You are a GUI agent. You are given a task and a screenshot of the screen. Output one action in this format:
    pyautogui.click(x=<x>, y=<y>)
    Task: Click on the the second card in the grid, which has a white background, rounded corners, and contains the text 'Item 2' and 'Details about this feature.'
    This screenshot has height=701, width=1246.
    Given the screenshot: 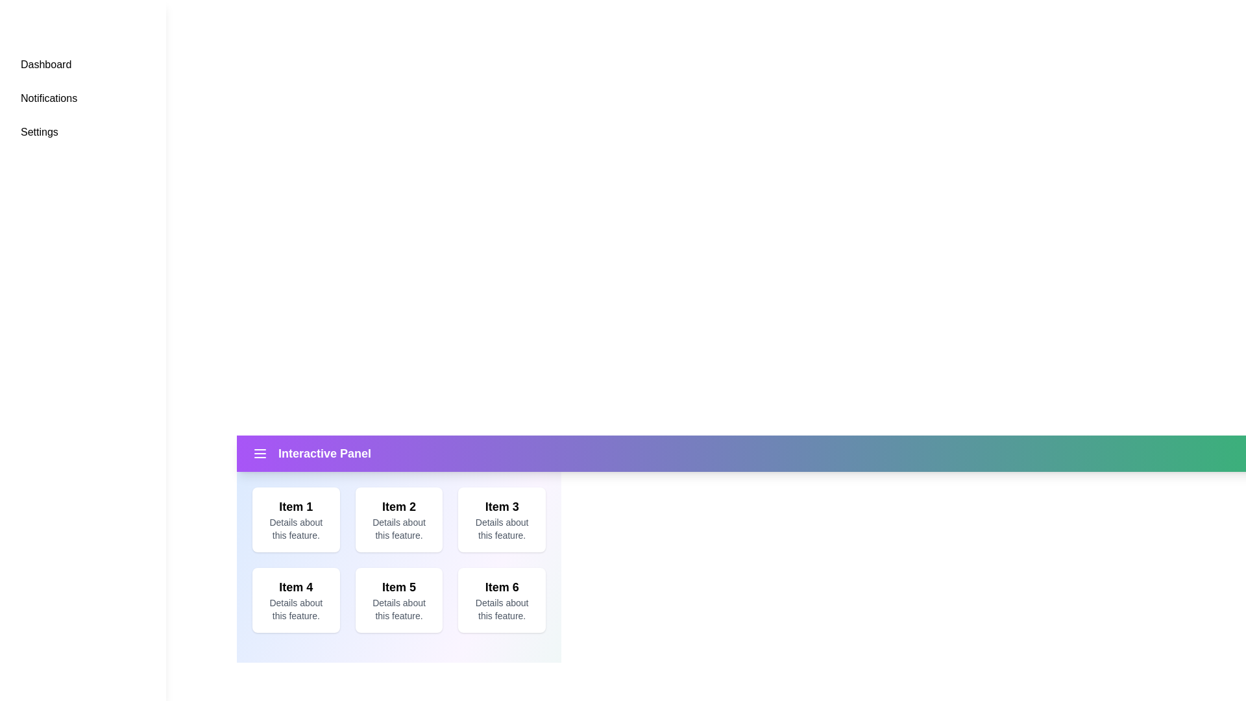 What is the action you would take?
    pyautogui.click(x=398, y=519)
    